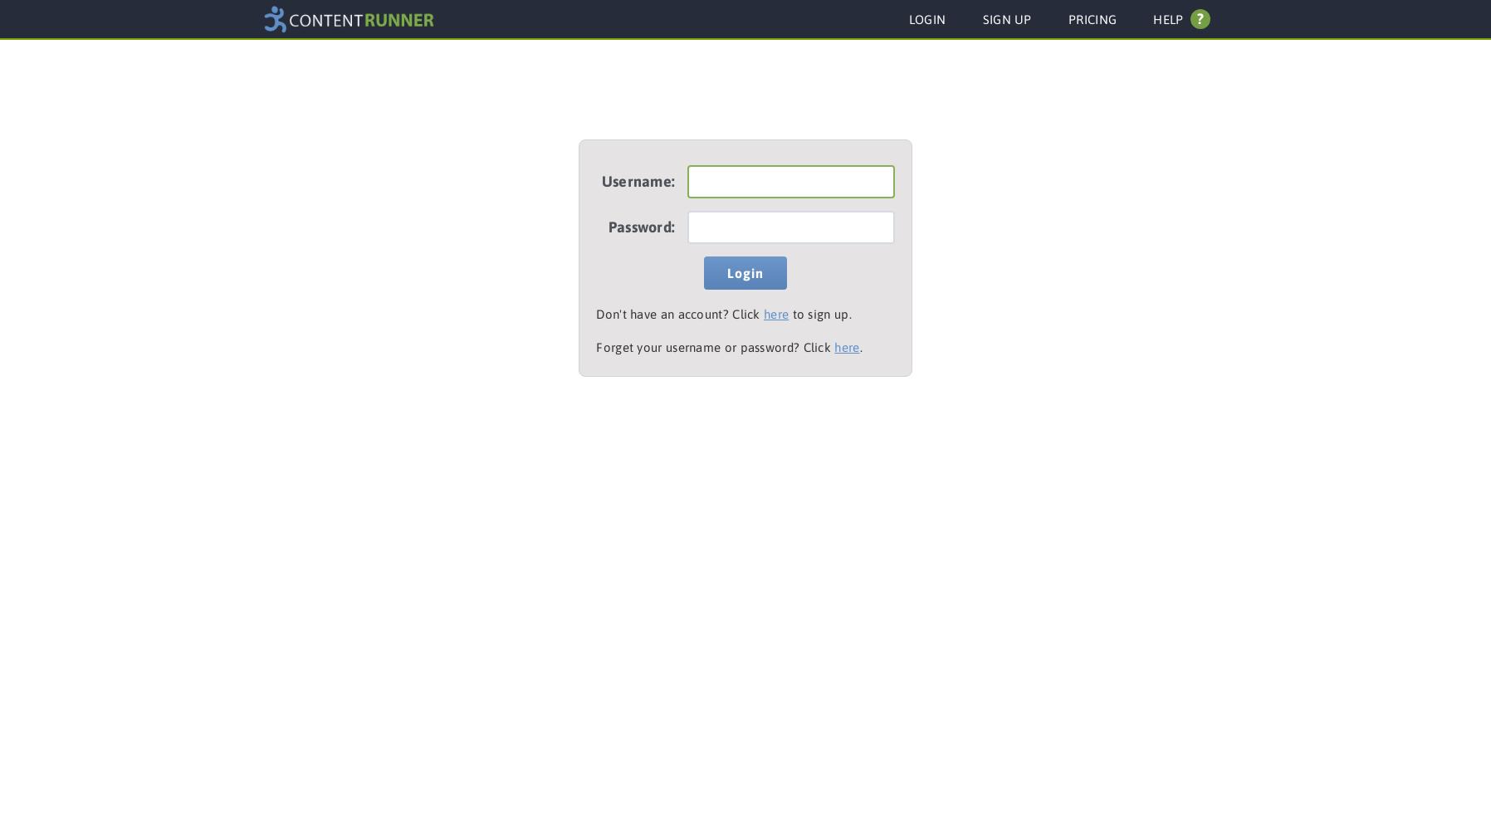 This screenshot has width=1491, height=830. I want to click on 'Username:', so click(638, 180).